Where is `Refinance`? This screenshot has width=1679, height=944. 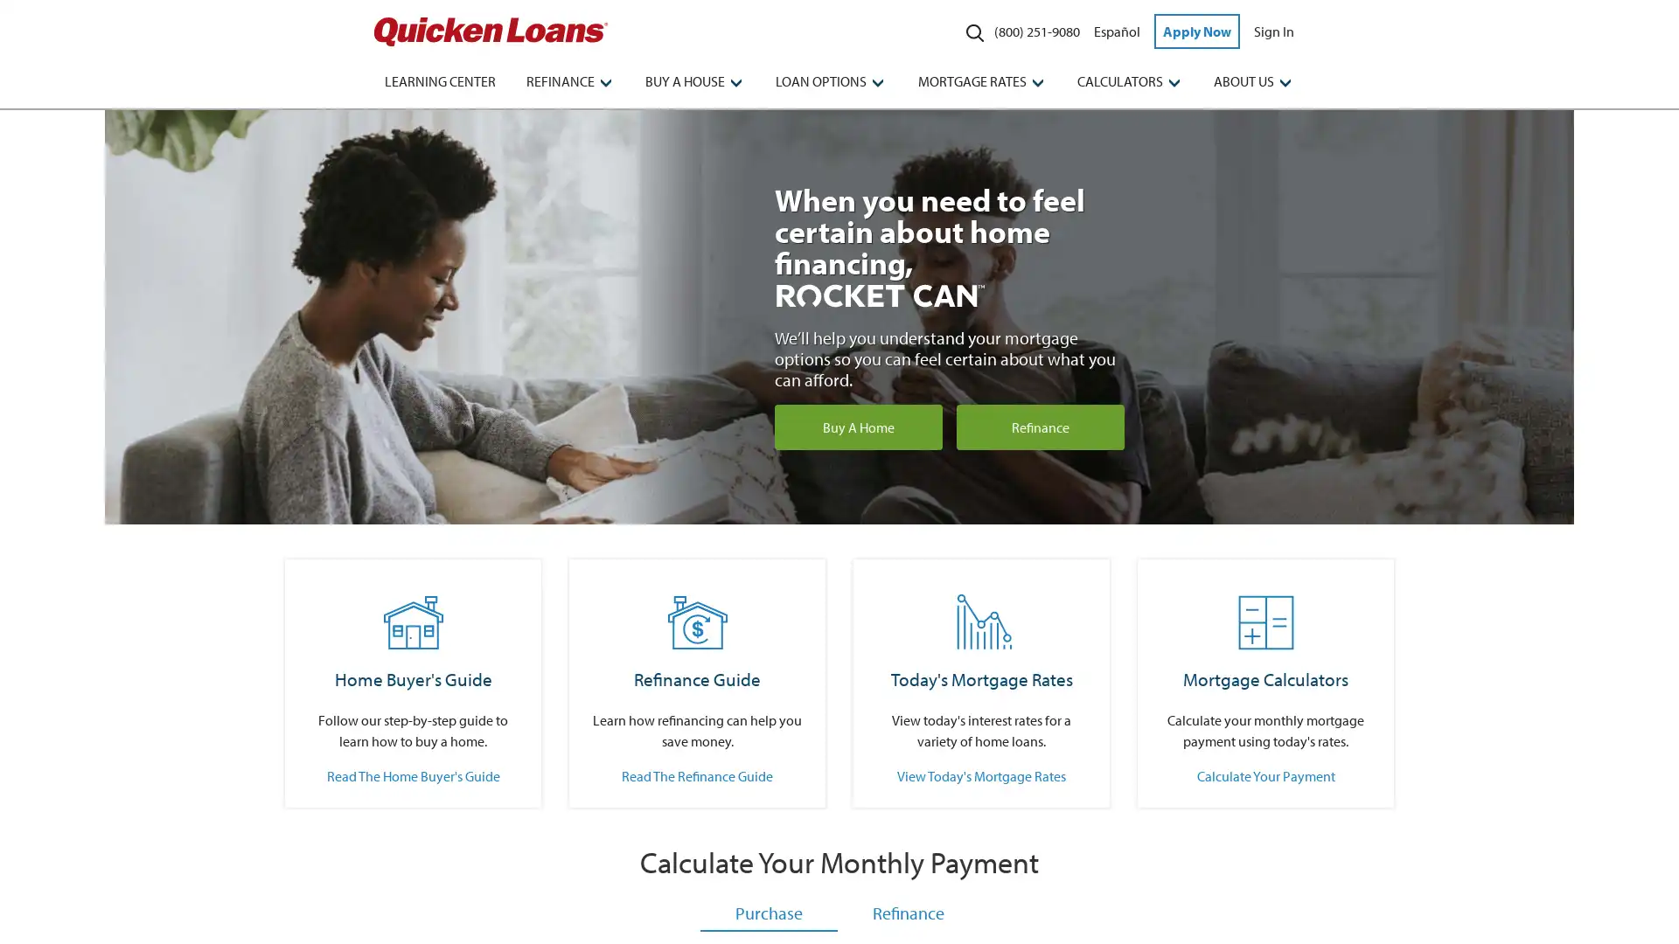 Refinance is located at coordinates (907, 913).